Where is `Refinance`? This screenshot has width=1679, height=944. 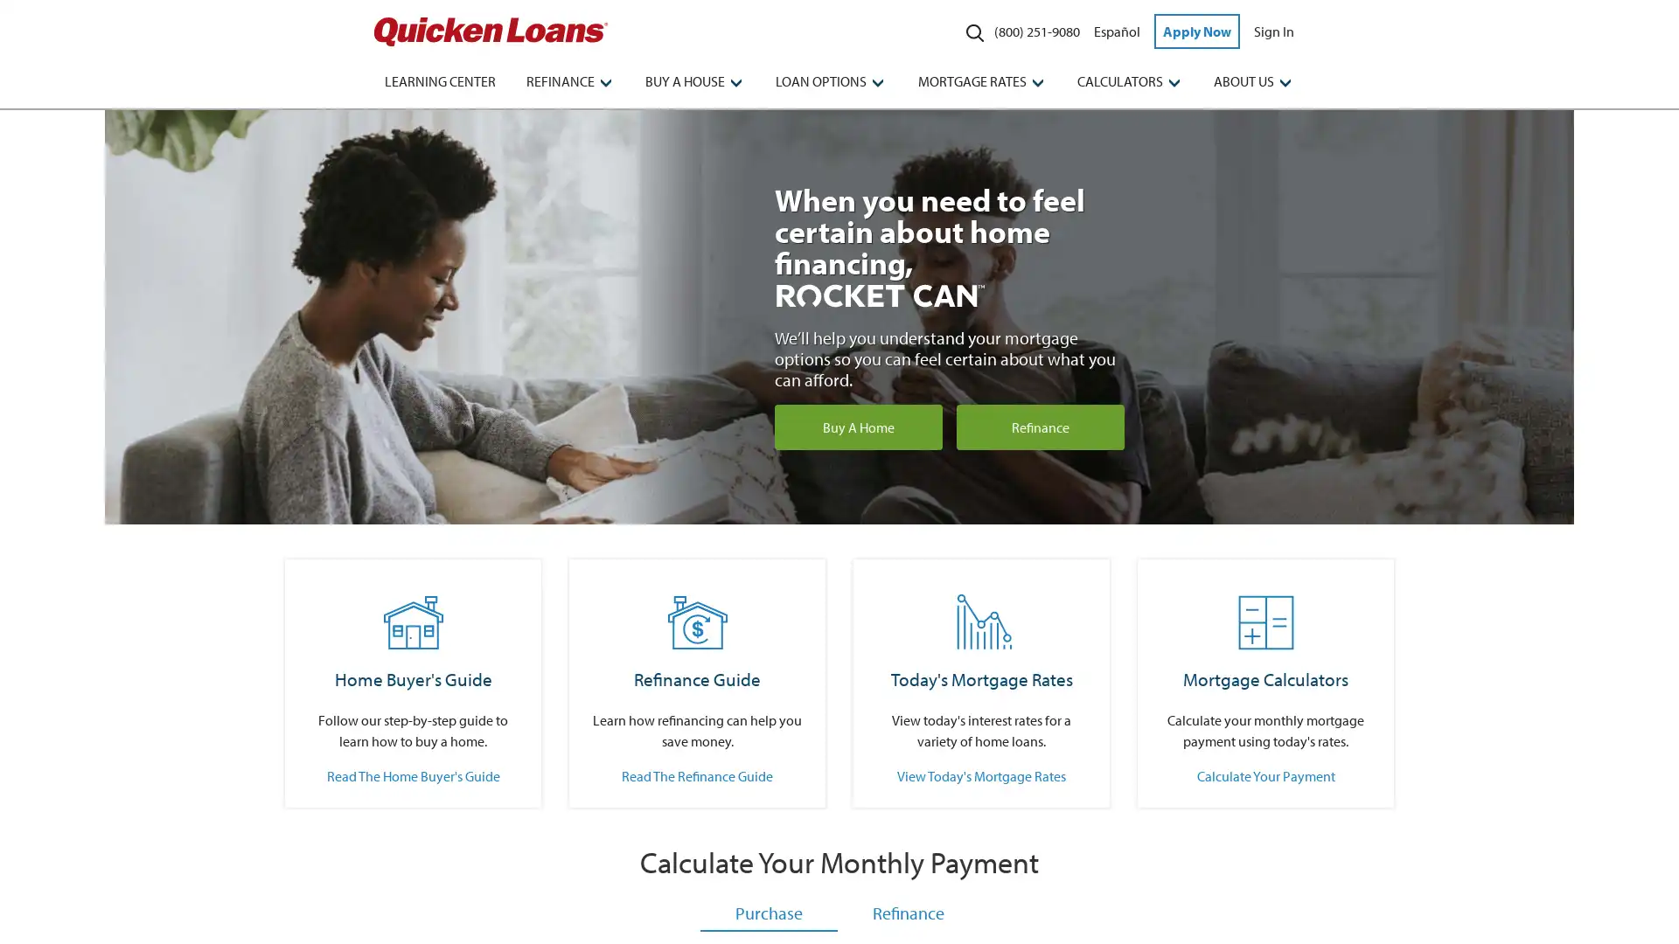 Refinance is located at coordinates (907, 913).